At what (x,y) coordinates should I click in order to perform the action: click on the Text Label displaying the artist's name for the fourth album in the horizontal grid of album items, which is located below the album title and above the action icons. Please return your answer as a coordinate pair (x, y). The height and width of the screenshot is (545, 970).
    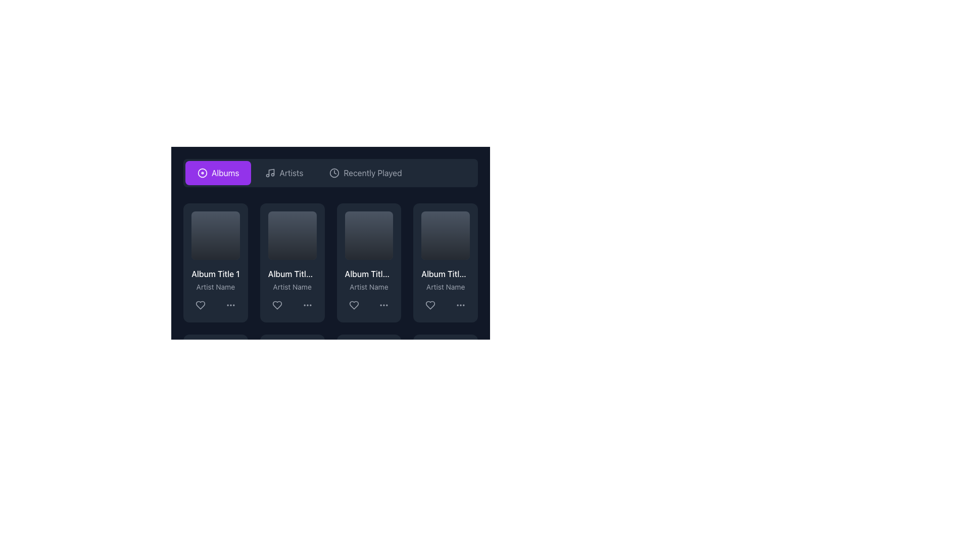
    Looking at the image, I should click on (445, 287).